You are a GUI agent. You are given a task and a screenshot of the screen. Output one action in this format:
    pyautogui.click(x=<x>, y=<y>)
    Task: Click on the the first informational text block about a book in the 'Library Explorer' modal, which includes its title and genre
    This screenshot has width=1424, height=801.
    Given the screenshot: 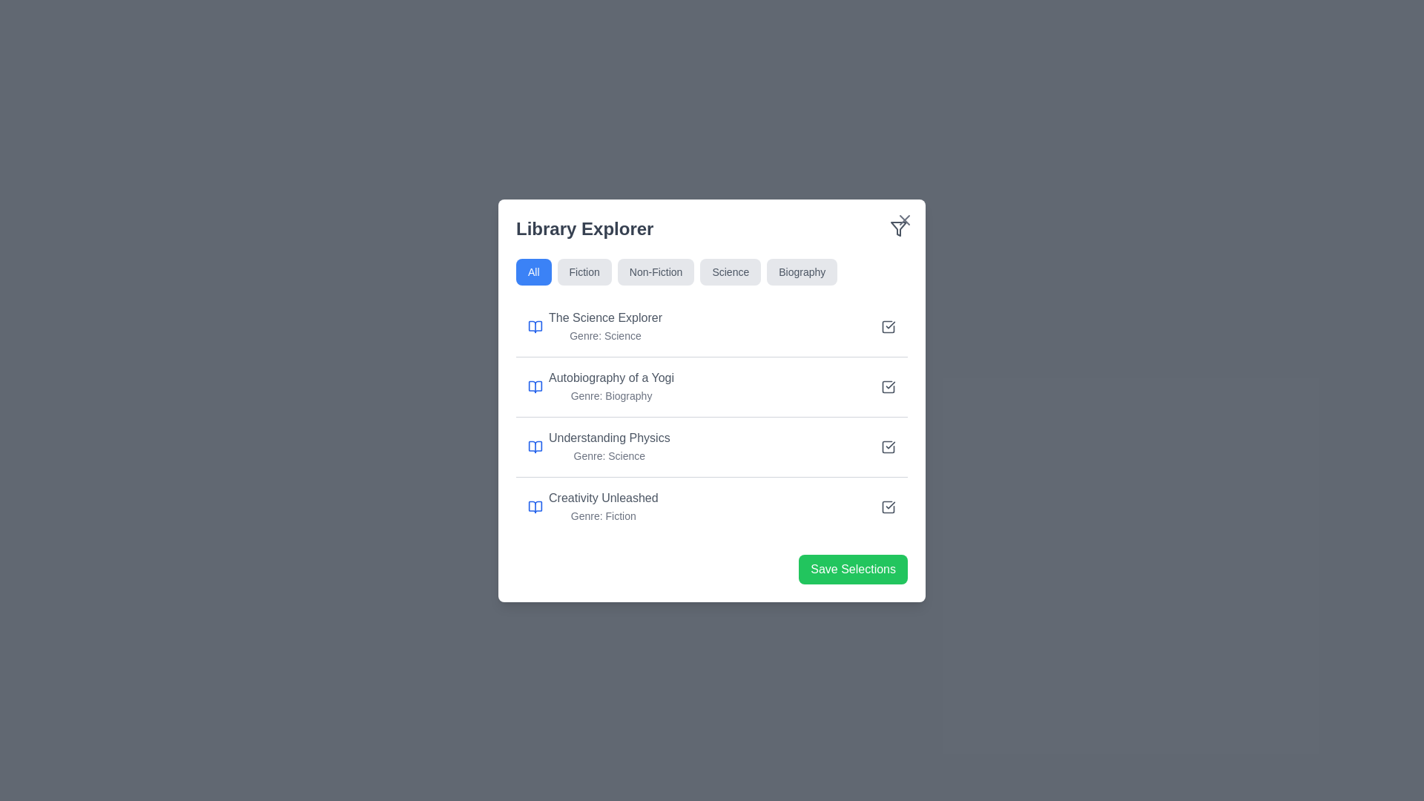 What is the action you would take?
    pyautogui.click(x=595, y=326)
    